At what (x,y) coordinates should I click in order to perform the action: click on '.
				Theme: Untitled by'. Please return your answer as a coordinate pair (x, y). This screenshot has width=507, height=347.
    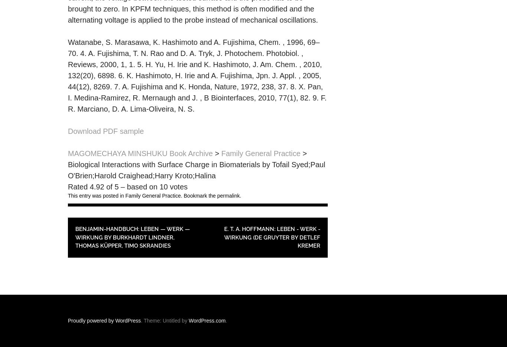
    Looking at the image, I should click on (164, 320).